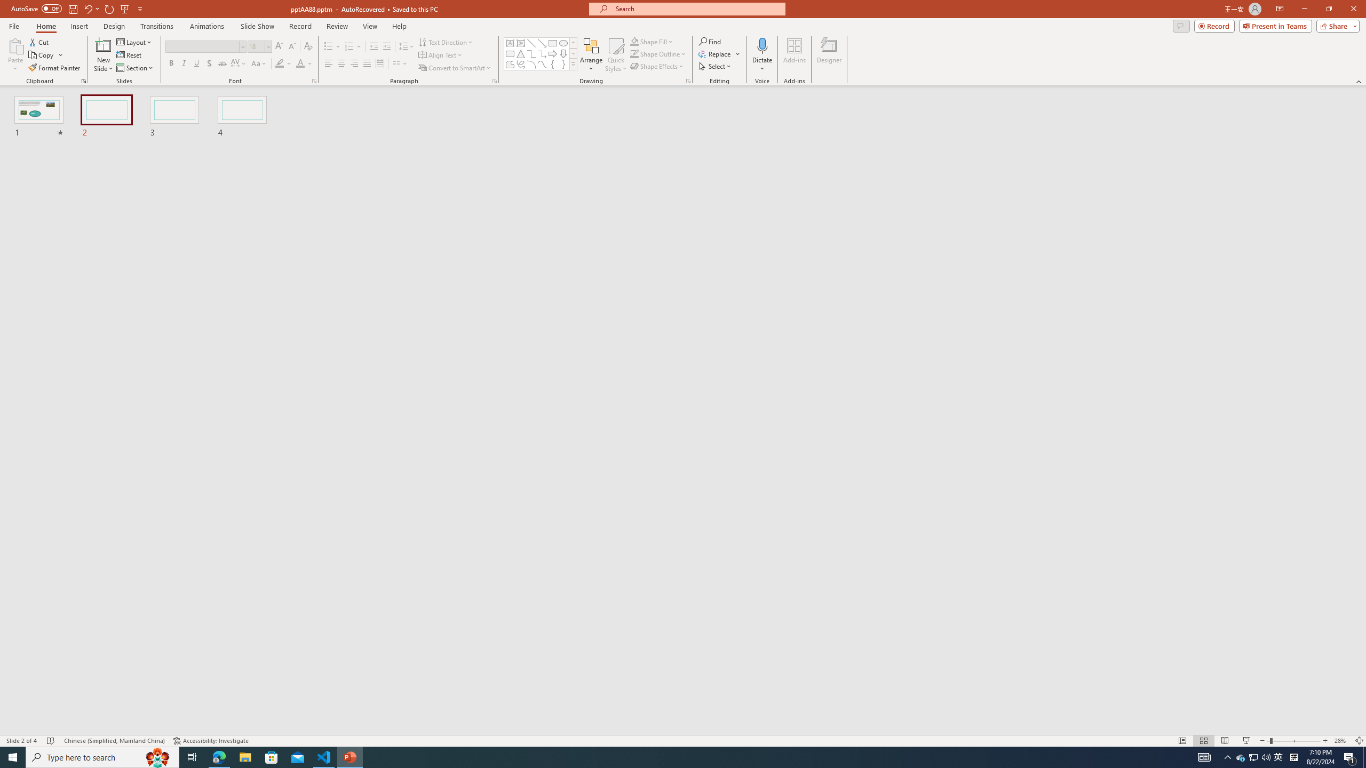 The image size is (1366, 768). Describe the element at coordinates (710, 41) in the screenshot. I see `'Find...'` at that location.